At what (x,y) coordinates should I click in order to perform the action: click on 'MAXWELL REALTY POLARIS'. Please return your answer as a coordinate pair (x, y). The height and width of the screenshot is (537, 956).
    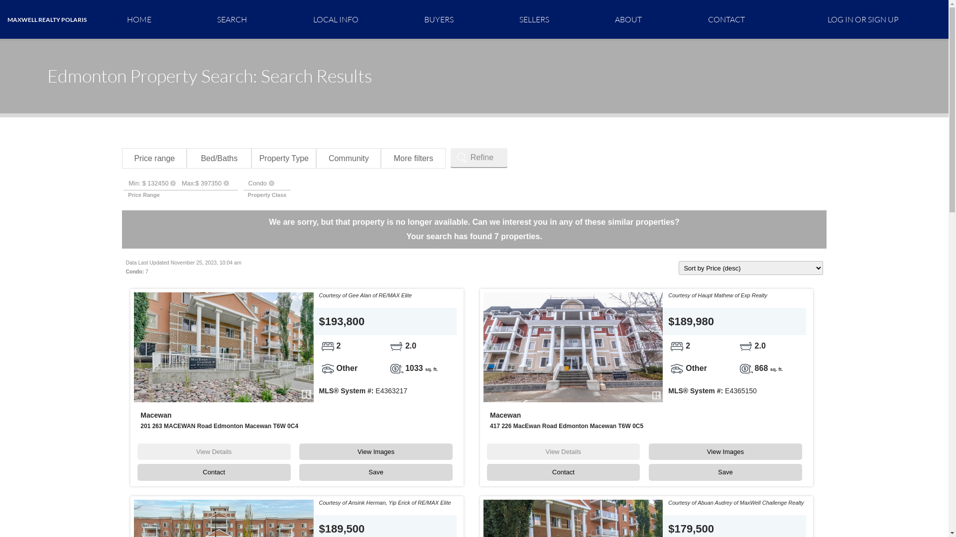
    Looking at the image, I should click on (46, 19).